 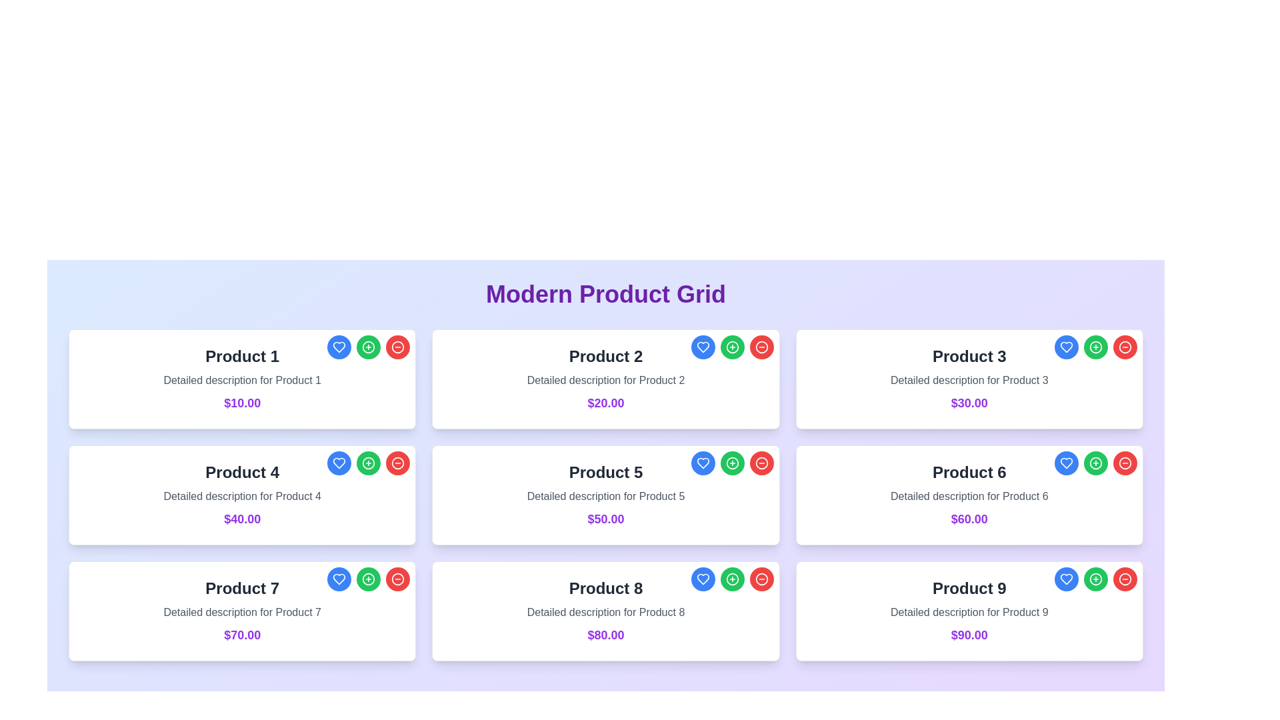 I want to click on the Circular Button Icon with a plus sign, located in the green button of the third row in the first column associated with 'Product 7', so click(x=369, y=578).